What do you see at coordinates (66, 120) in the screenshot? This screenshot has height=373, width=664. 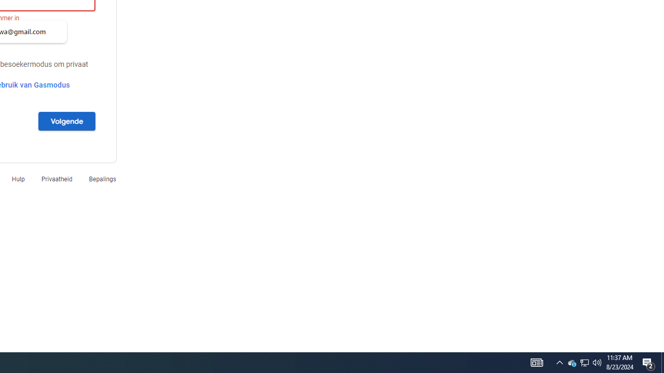 I see `'Volgende'` at bounding box center [66, 120].